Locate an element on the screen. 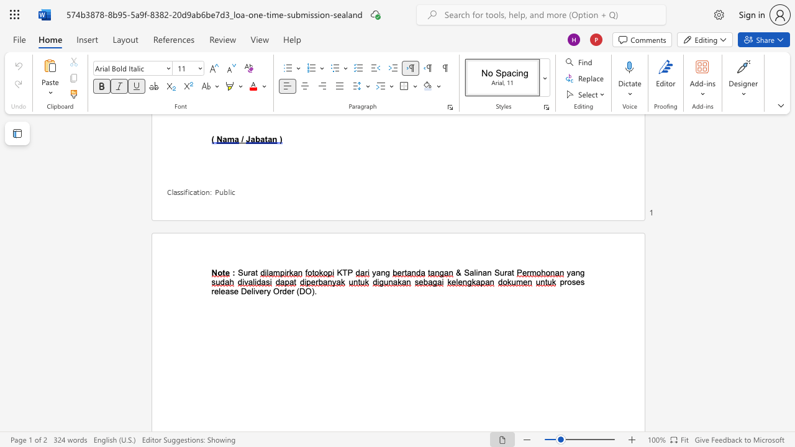  the subset text "e Delivery Order" within the text "release Delivery Order (DO)" is located at coordinates (234, 291).